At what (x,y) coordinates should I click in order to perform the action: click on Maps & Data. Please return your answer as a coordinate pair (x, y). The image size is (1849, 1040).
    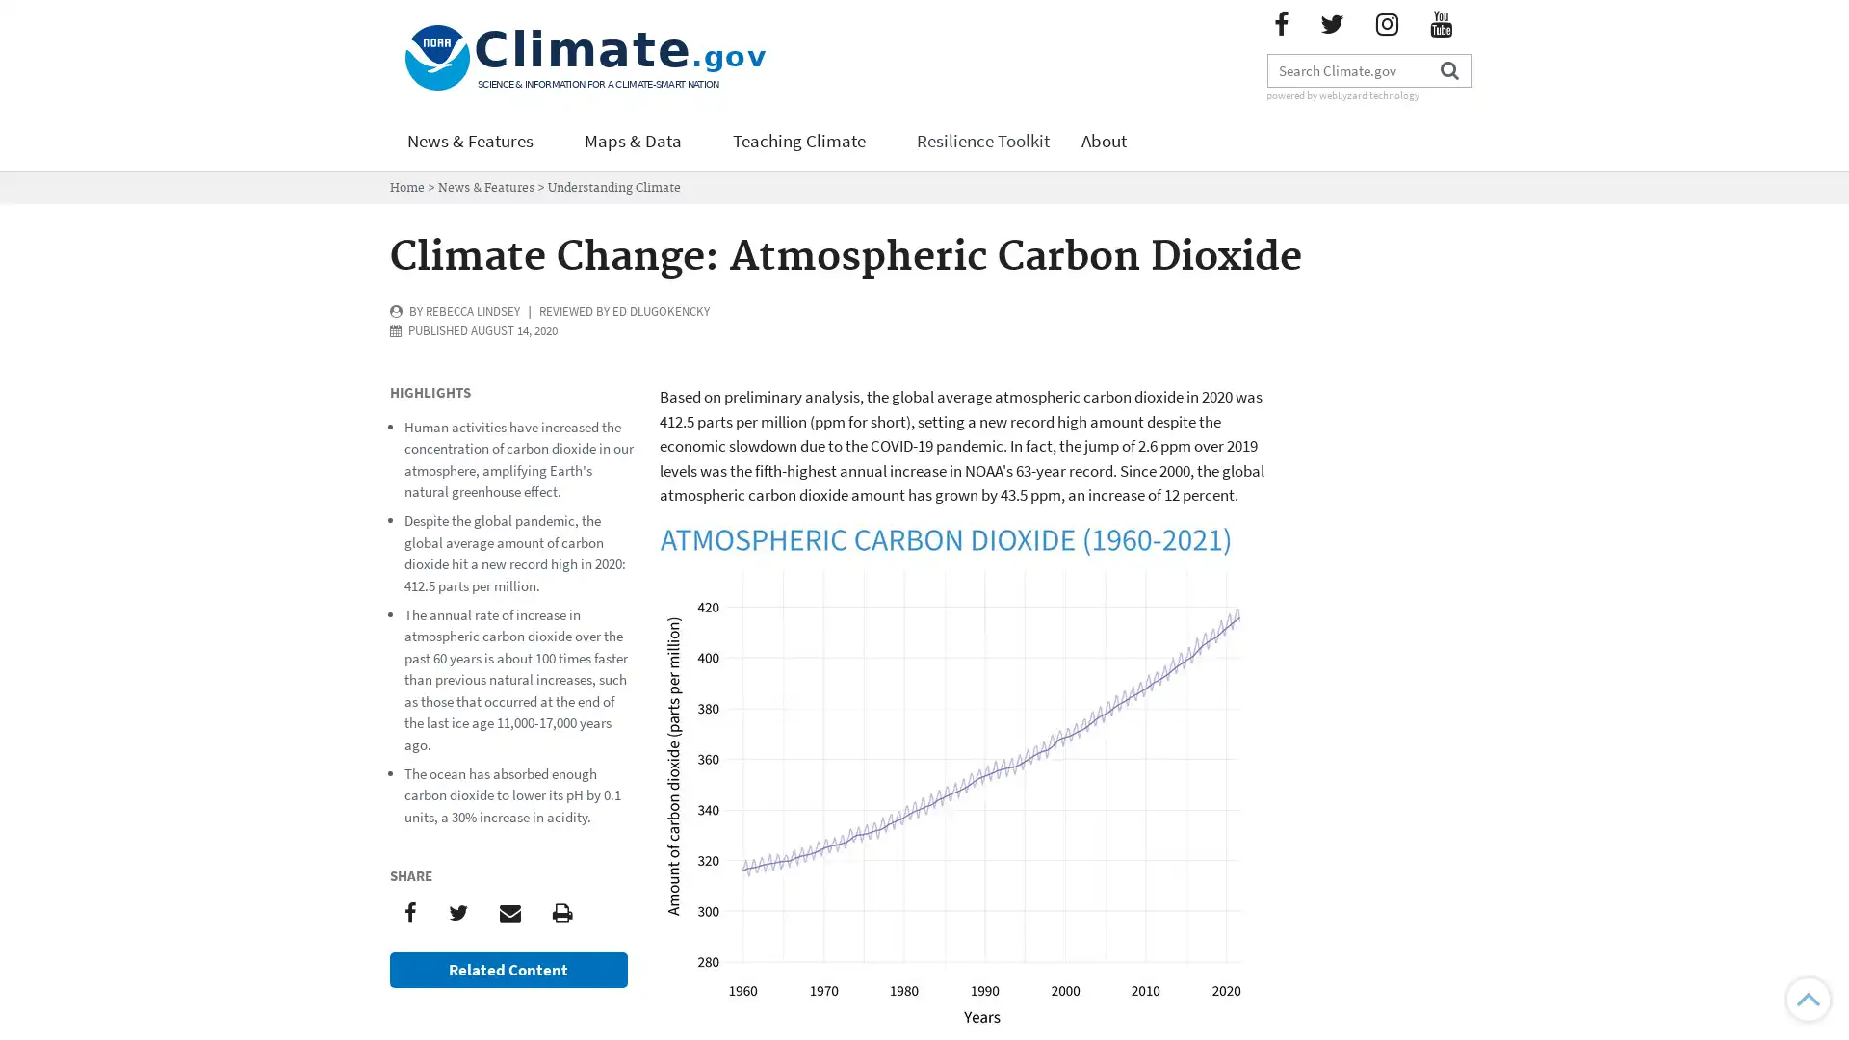
    Looking at the image, I should click on (642, 141).